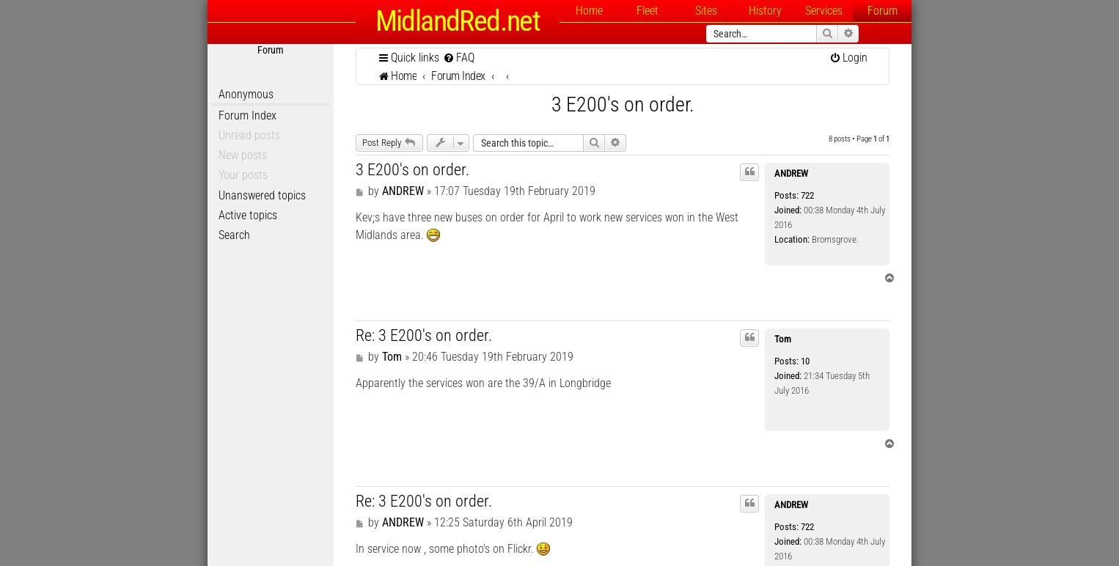  I want to click on '21:34 Tuesday 5th July 2016', so click(820, 383).